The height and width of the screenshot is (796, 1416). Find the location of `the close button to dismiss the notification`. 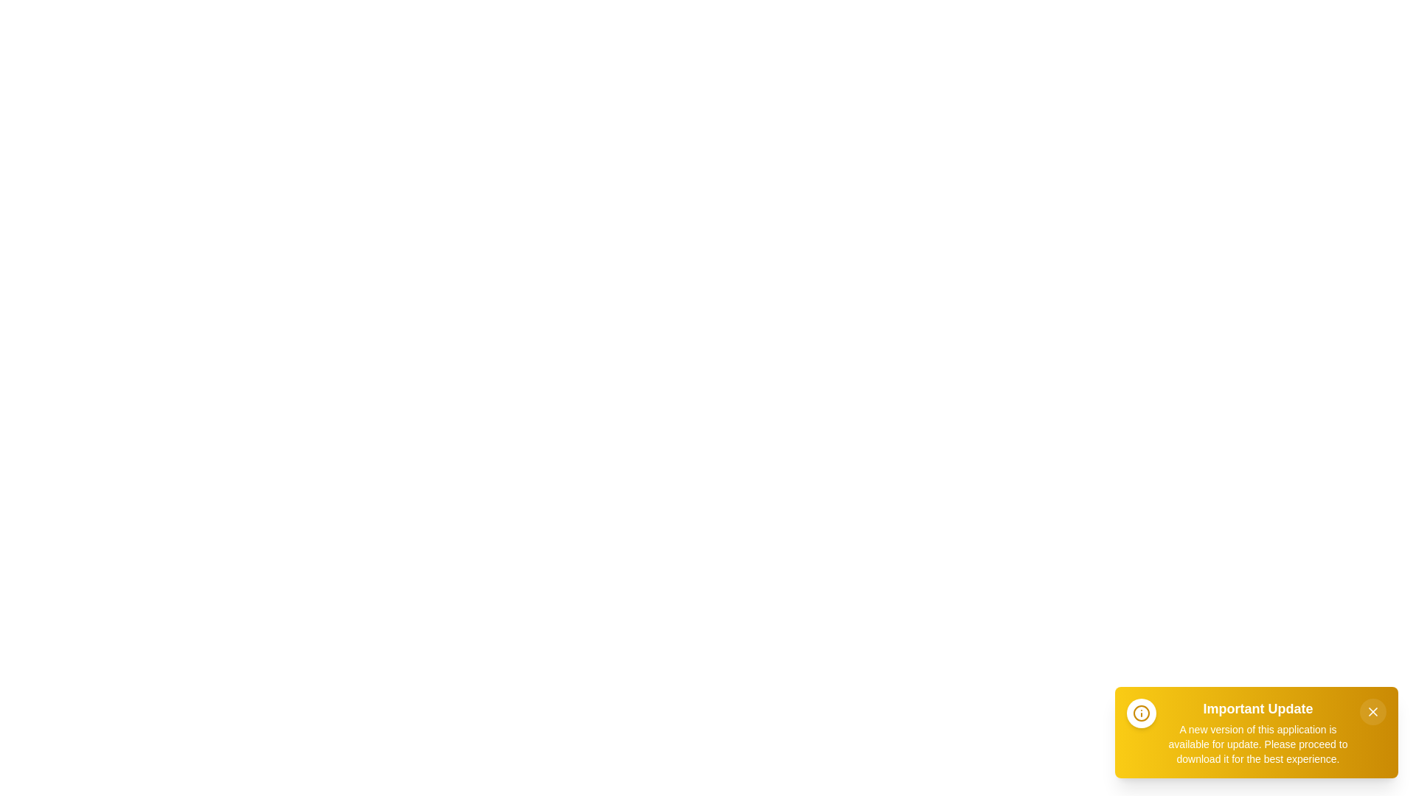

the close button to dismiss the notification is located at coordinates (1372, 711).